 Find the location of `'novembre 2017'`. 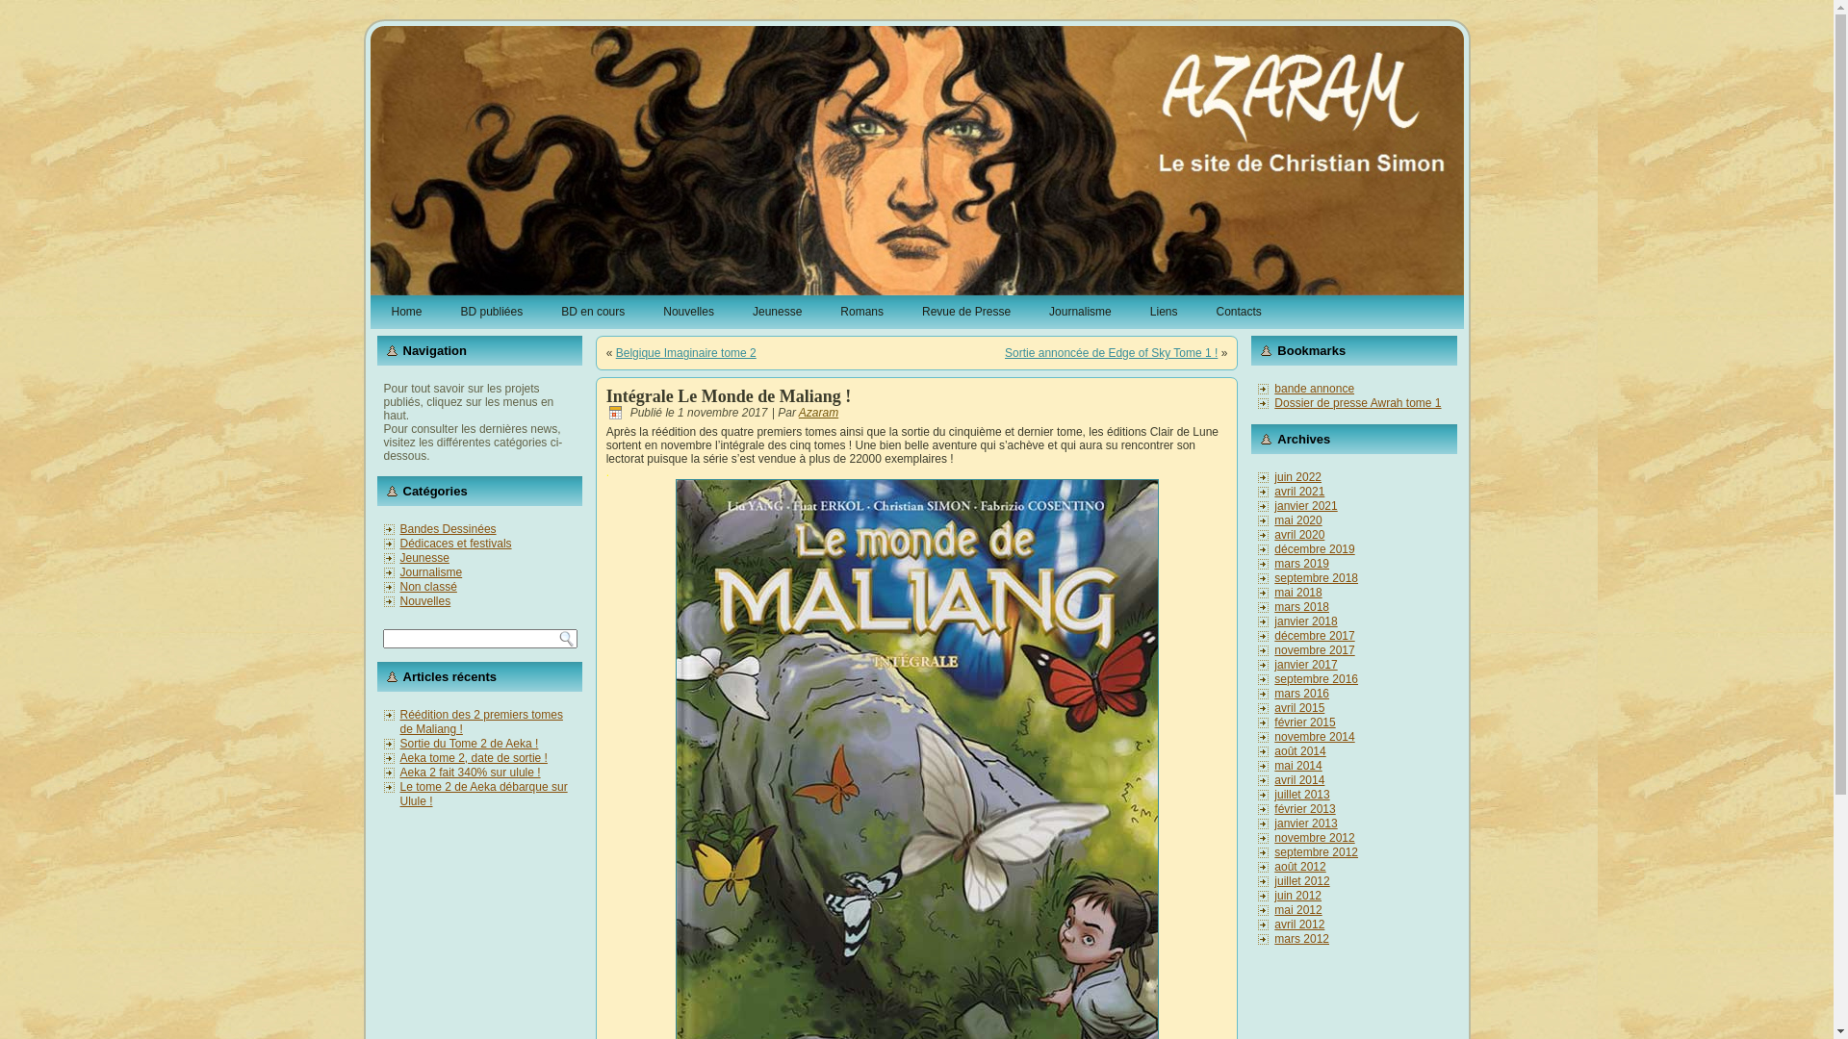

'novembre 2017' is located at coordinates (1313, 649).